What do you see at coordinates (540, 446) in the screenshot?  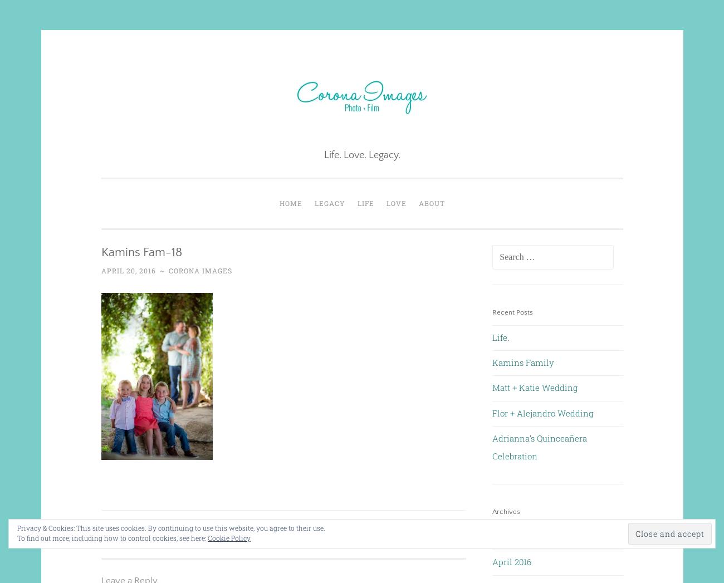 I see `'Adrianna’s Quinceañera Celebration'` at bounding box center [540, 446].